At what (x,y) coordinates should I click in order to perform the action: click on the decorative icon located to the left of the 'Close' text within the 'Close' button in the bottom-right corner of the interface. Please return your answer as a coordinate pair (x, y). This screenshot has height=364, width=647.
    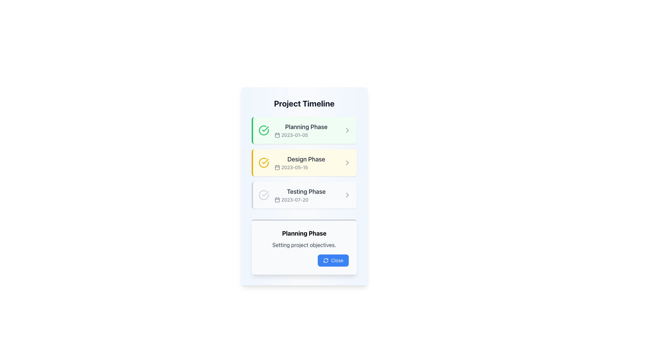
    Looking at the image, I should click on (326, 260).